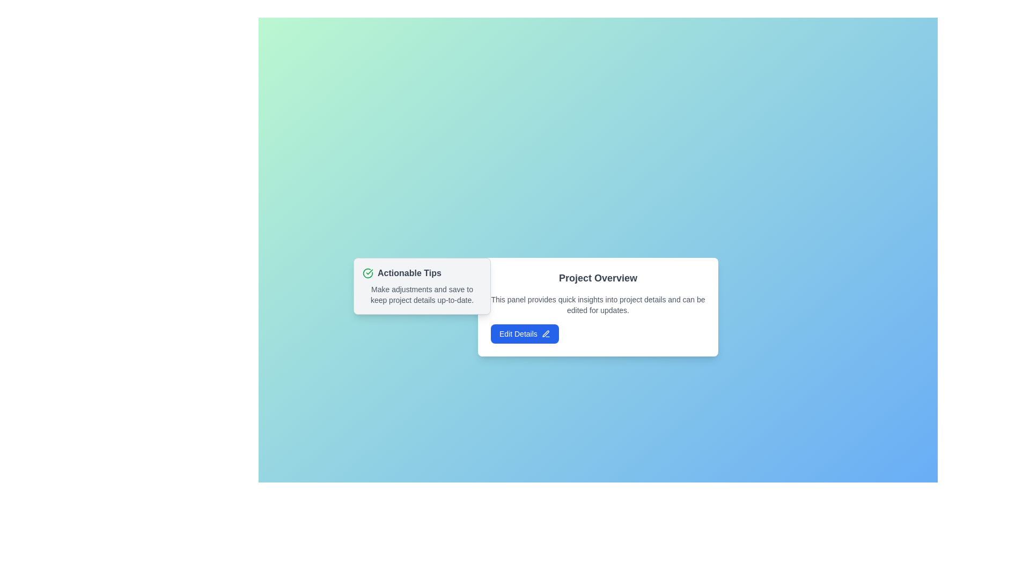 The height and width of the screenshot is (579, 1030). Describe the element at coordinates (422, 272) in the screenshot. I see `text 'Actionable Tips' from the heading element, which features a green circular checkmark icon to the left and is located at the top-left of a bordered, light-gray dialog box` at that location.